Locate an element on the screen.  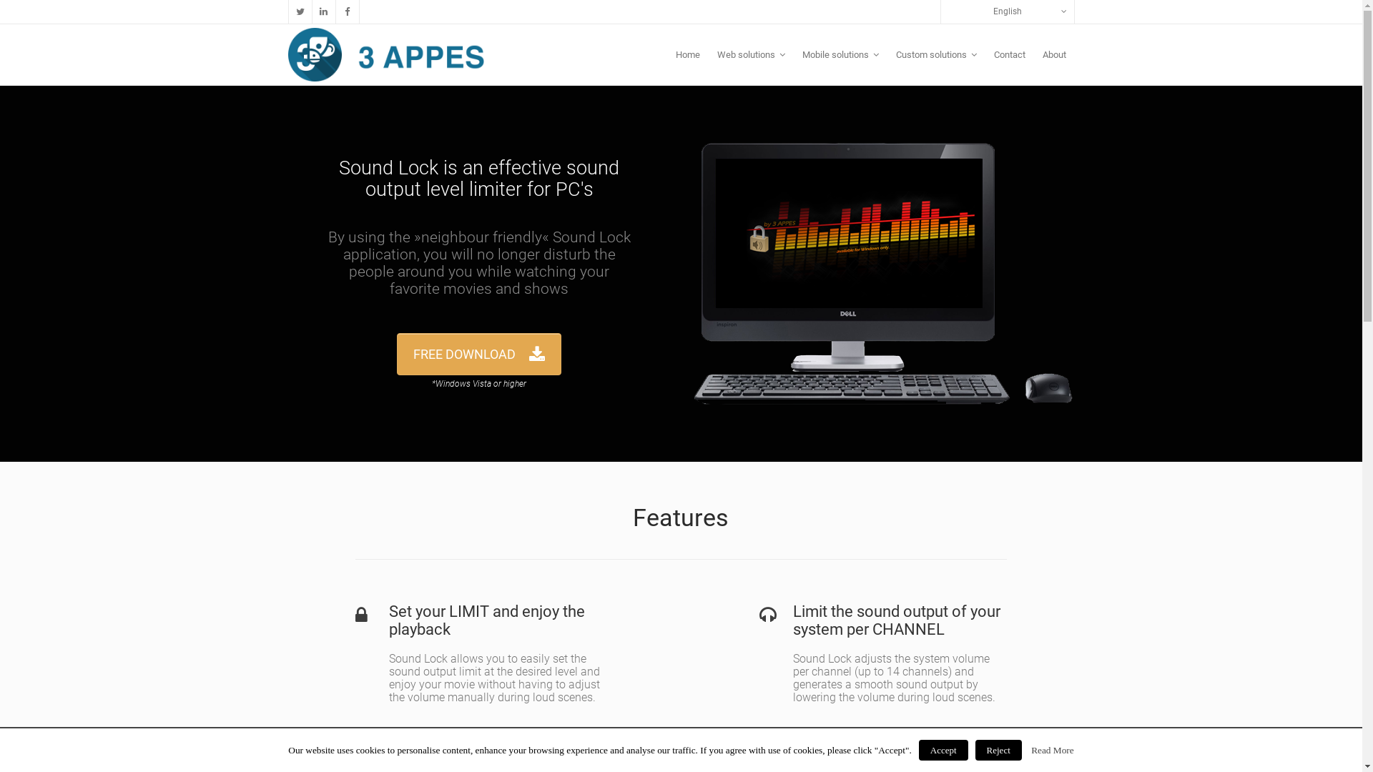
'About' is located at coordinates (1033, 54).